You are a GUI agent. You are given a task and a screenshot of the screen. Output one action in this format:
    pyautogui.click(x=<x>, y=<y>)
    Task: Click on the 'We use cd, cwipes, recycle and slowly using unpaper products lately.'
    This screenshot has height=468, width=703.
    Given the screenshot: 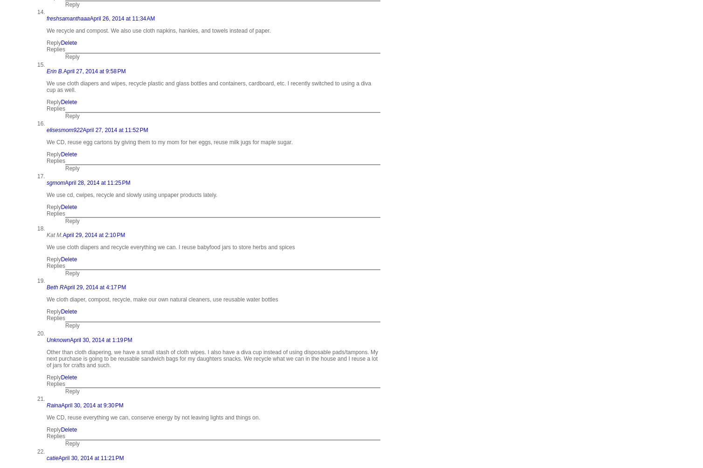 What is the action you would take?
    pyautogui.click(x=131, y=195)
    